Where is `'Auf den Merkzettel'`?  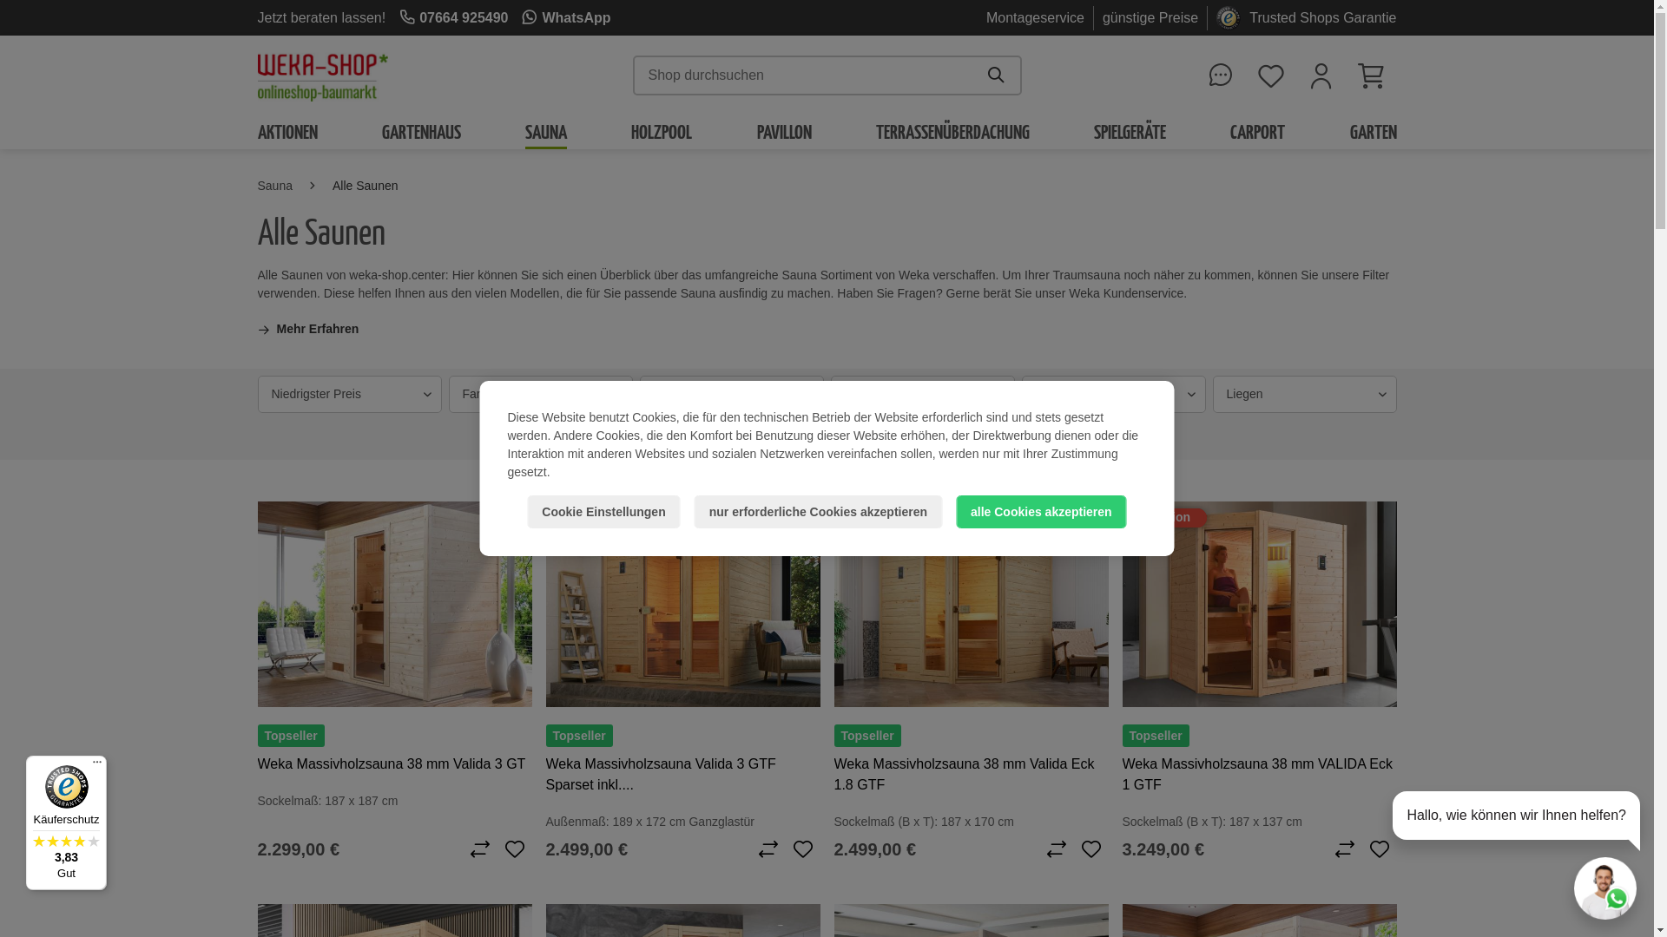 'Auf den Merkzettel' is located at coordinates (512, 849).